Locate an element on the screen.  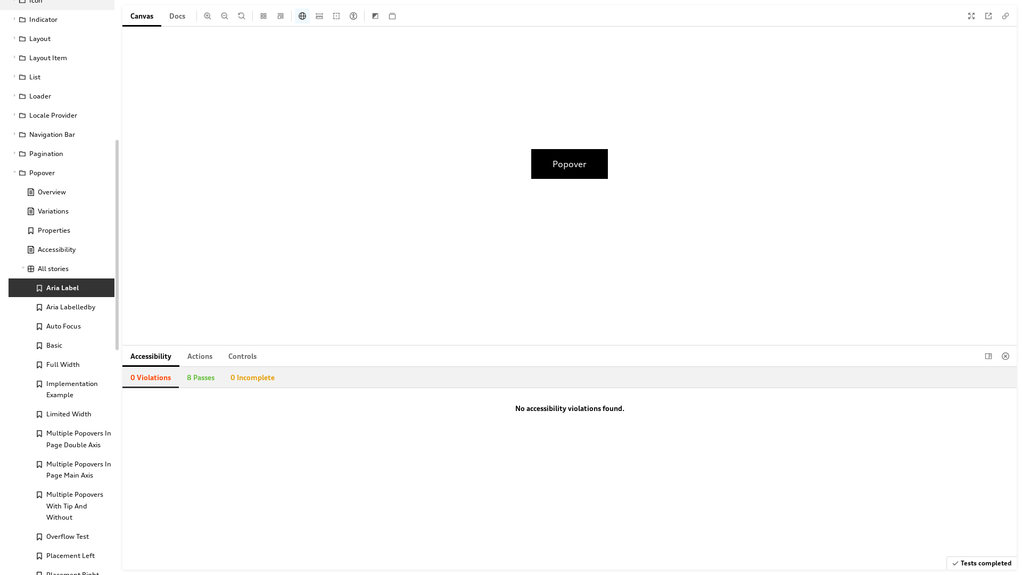
'Accessibility' is located at coordinates (122, 356).